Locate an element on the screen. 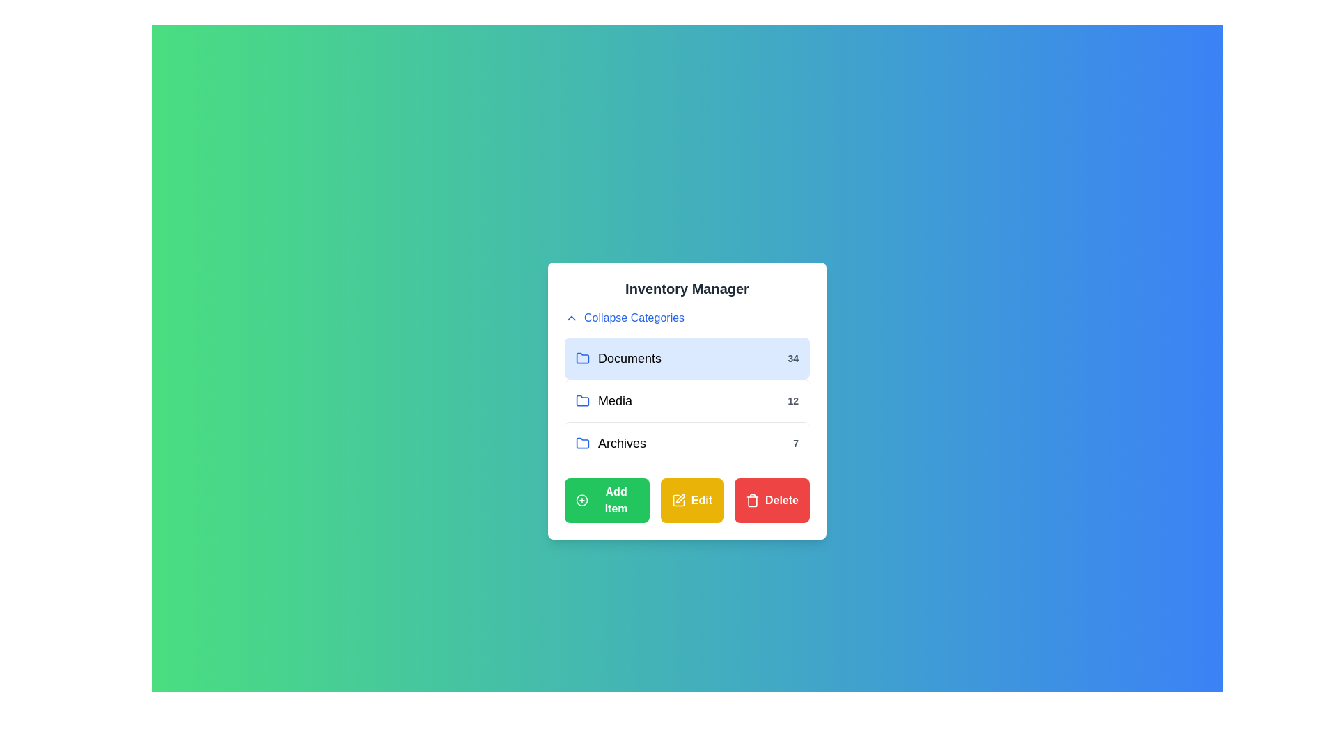 This screenshot has width=1337, height=752. the category Archives to observe the hover effect is located at coordinates (687, 443).